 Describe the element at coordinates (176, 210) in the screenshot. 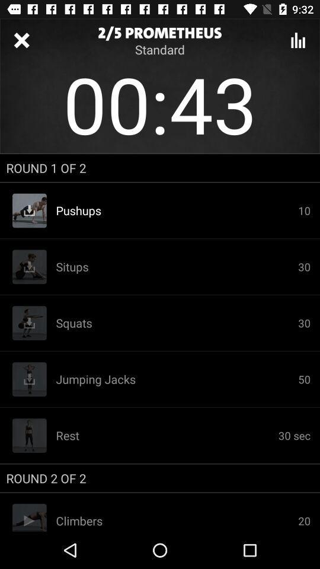

I see `item to the left of 30` at that location.